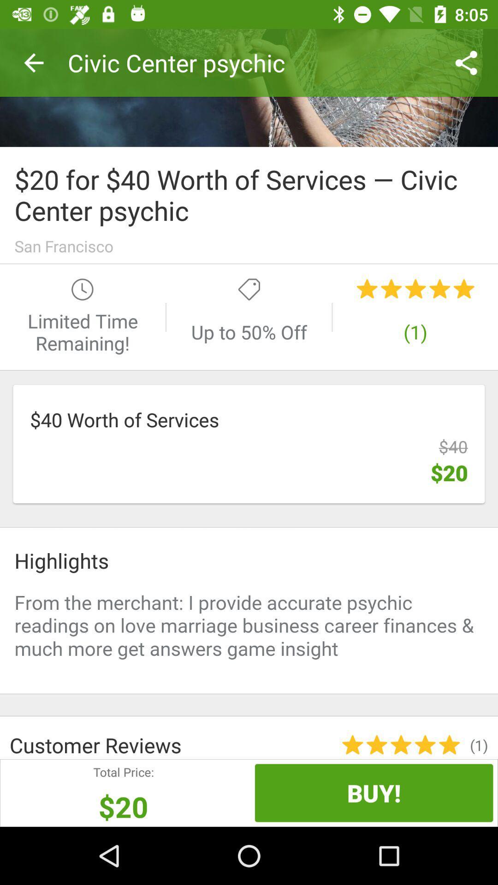 The image size is (498, 885). Describe the element at coordinates (249, 88) in the screenshot. I see `share page and go back` at that location.